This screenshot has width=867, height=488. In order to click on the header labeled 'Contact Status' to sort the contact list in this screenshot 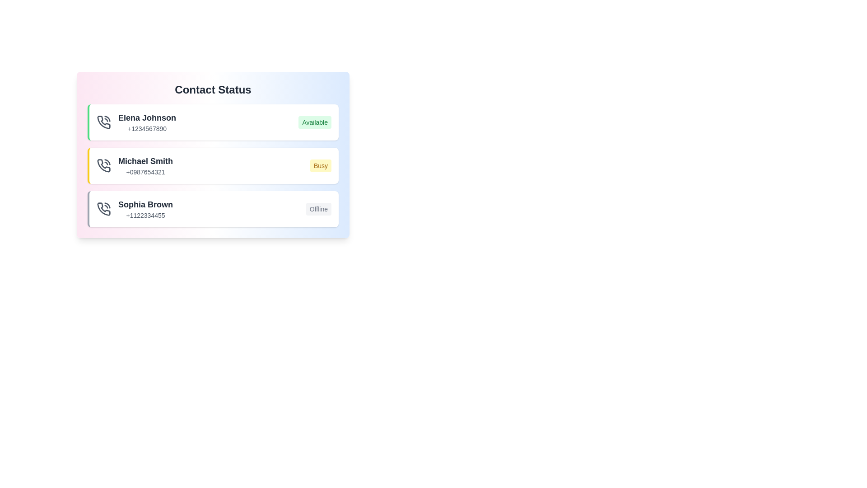, I will do `click(212, 90)`.